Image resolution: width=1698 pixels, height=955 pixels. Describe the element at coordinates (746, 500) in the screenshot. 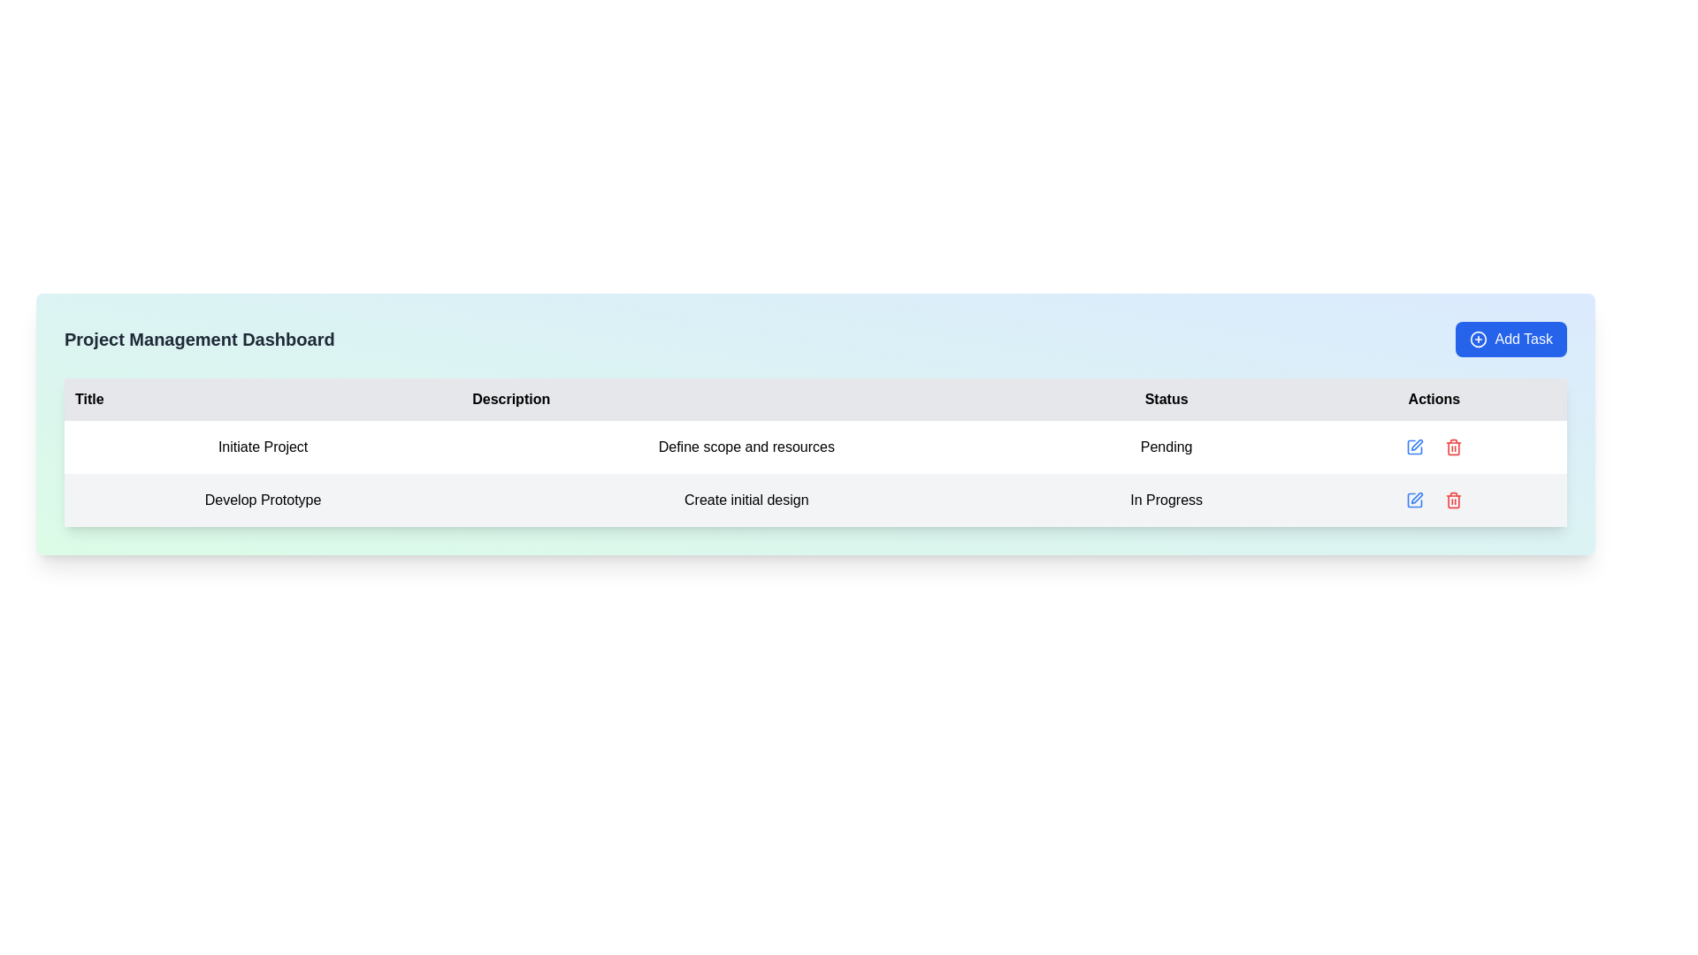

I see `the text label 'Create initial design' located in the third column of the second row of the table` at that location.